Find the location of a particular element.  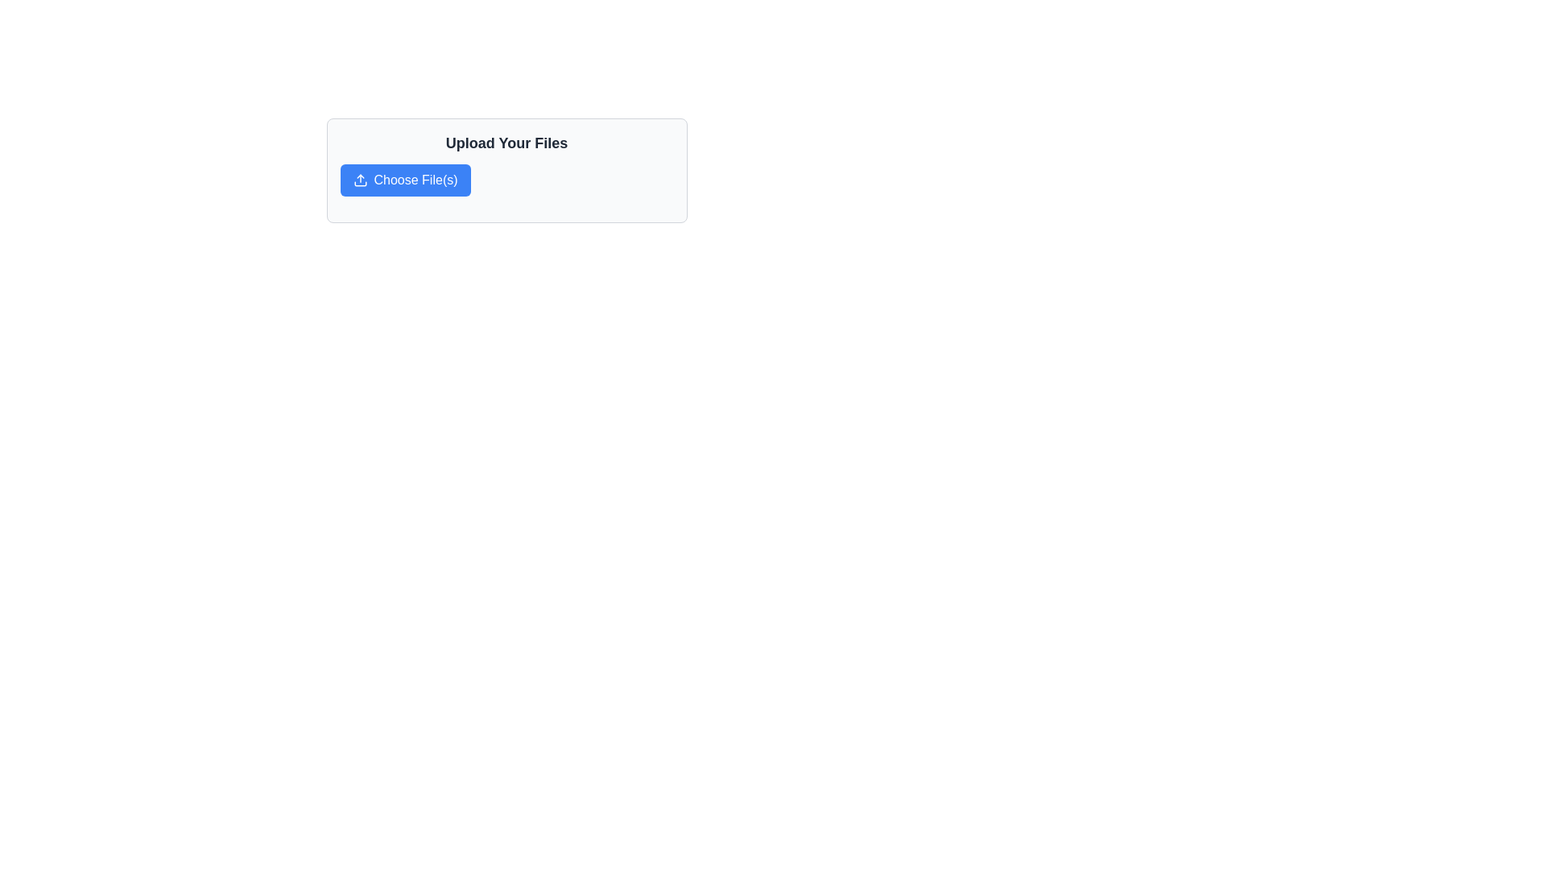

the heading labeled 'Upload Your Files', which is a bold, large black text displayed at the top of a white card with rounded corners is located at coordinates (506, 142).